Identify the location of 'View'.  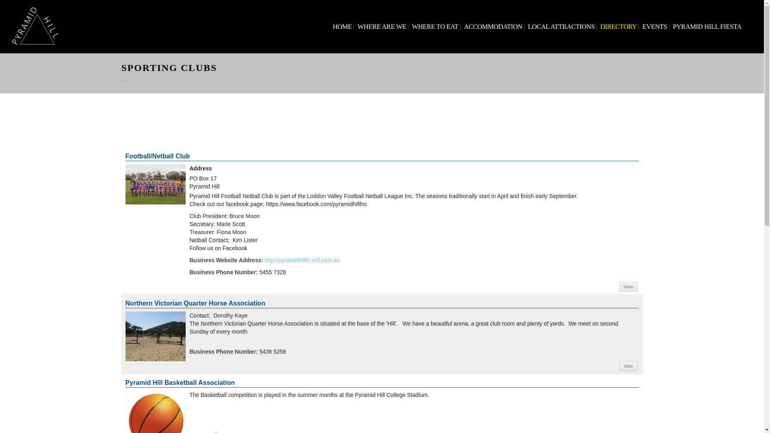
(628, 286).